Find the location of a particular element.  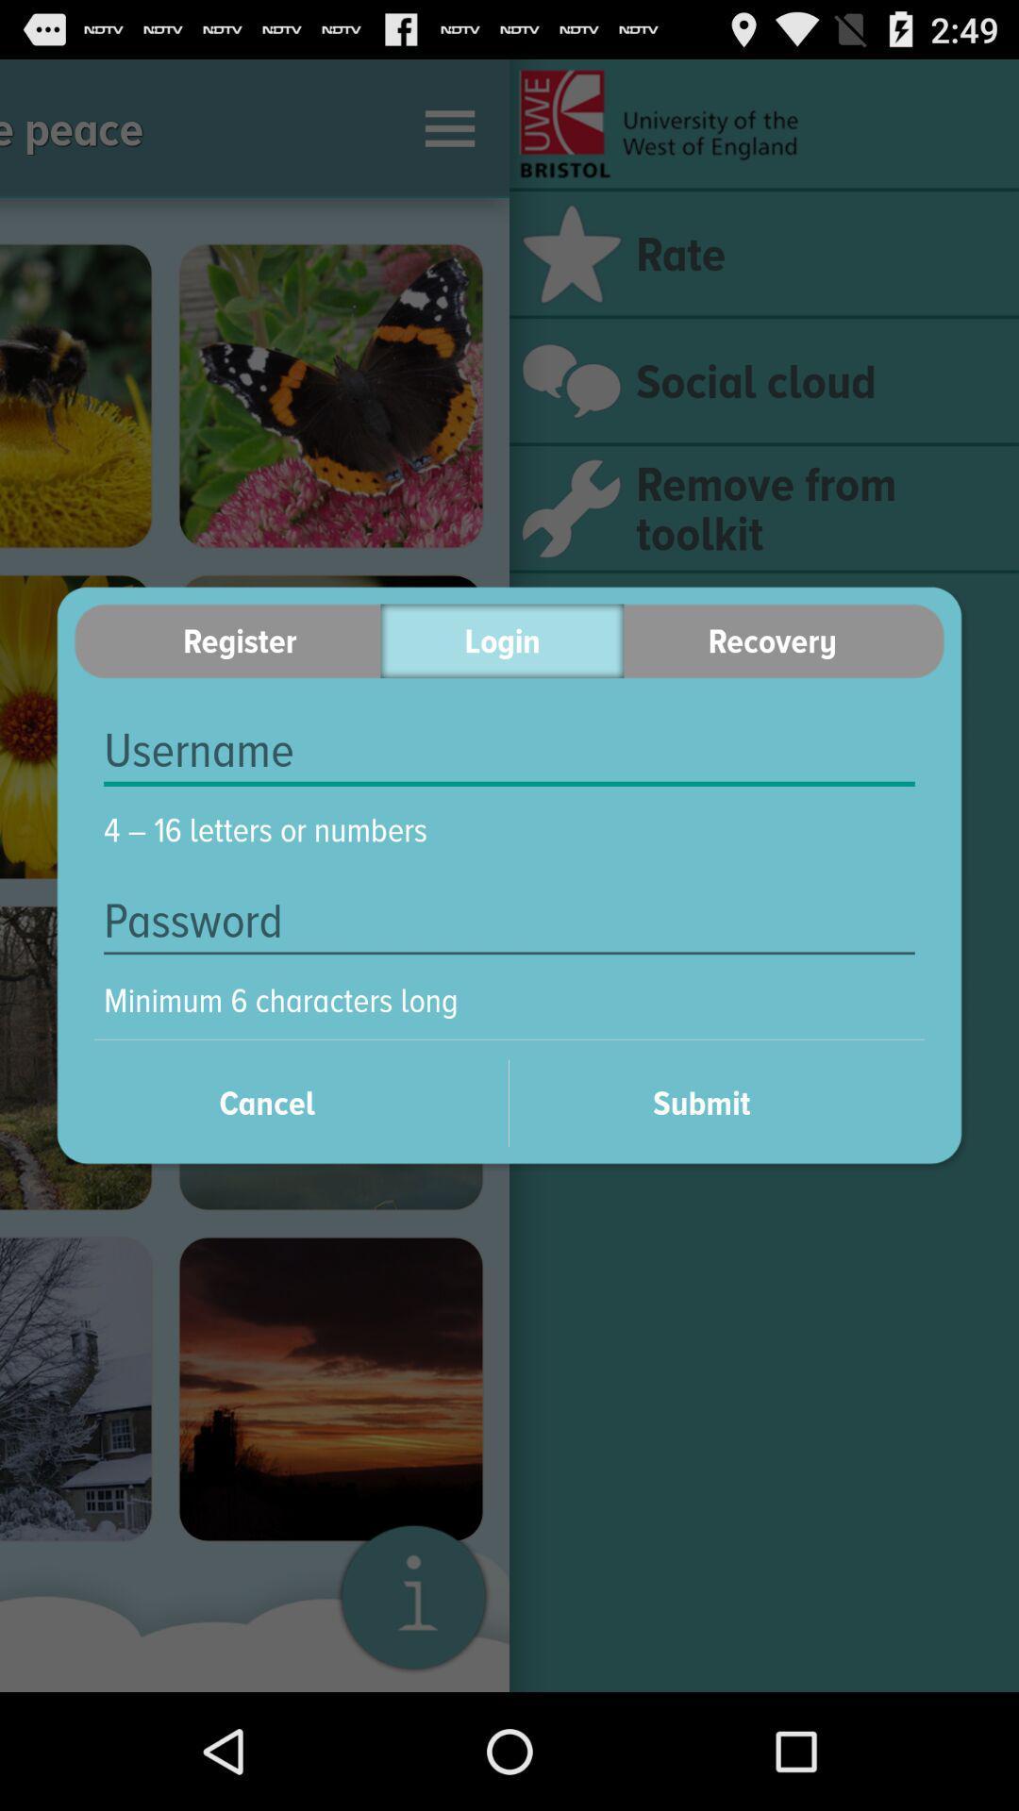

icon next to register is located at coordinates (501, 640).